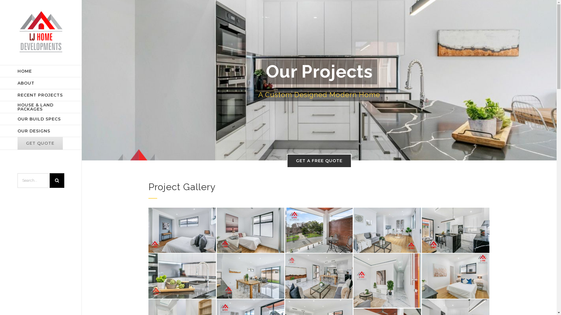  What do you see at coordinates (318, 230) in the screenshot?
I see `'14'` at bounding box center [318, 230].